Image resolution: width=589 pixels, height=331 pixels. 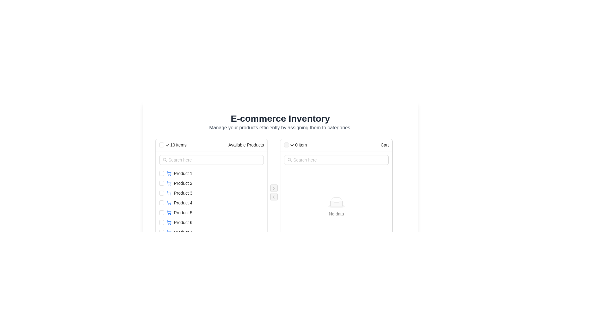 What do you see at coordinates (162, 145) in the screenshot?
I see `the minimalistic checkbox located at the top-left corner of the 'Available Products' list header` at bounding box center [162, 145].